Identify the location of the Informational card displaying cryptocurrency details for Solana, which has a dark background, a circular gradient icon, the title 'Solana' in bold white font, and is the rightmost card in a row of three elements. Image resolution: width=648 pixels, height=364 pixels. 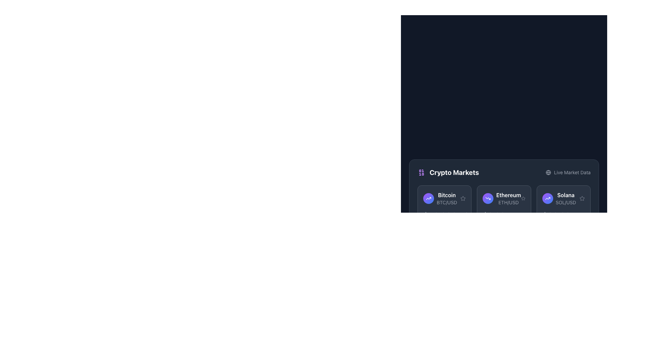
(563, 205).